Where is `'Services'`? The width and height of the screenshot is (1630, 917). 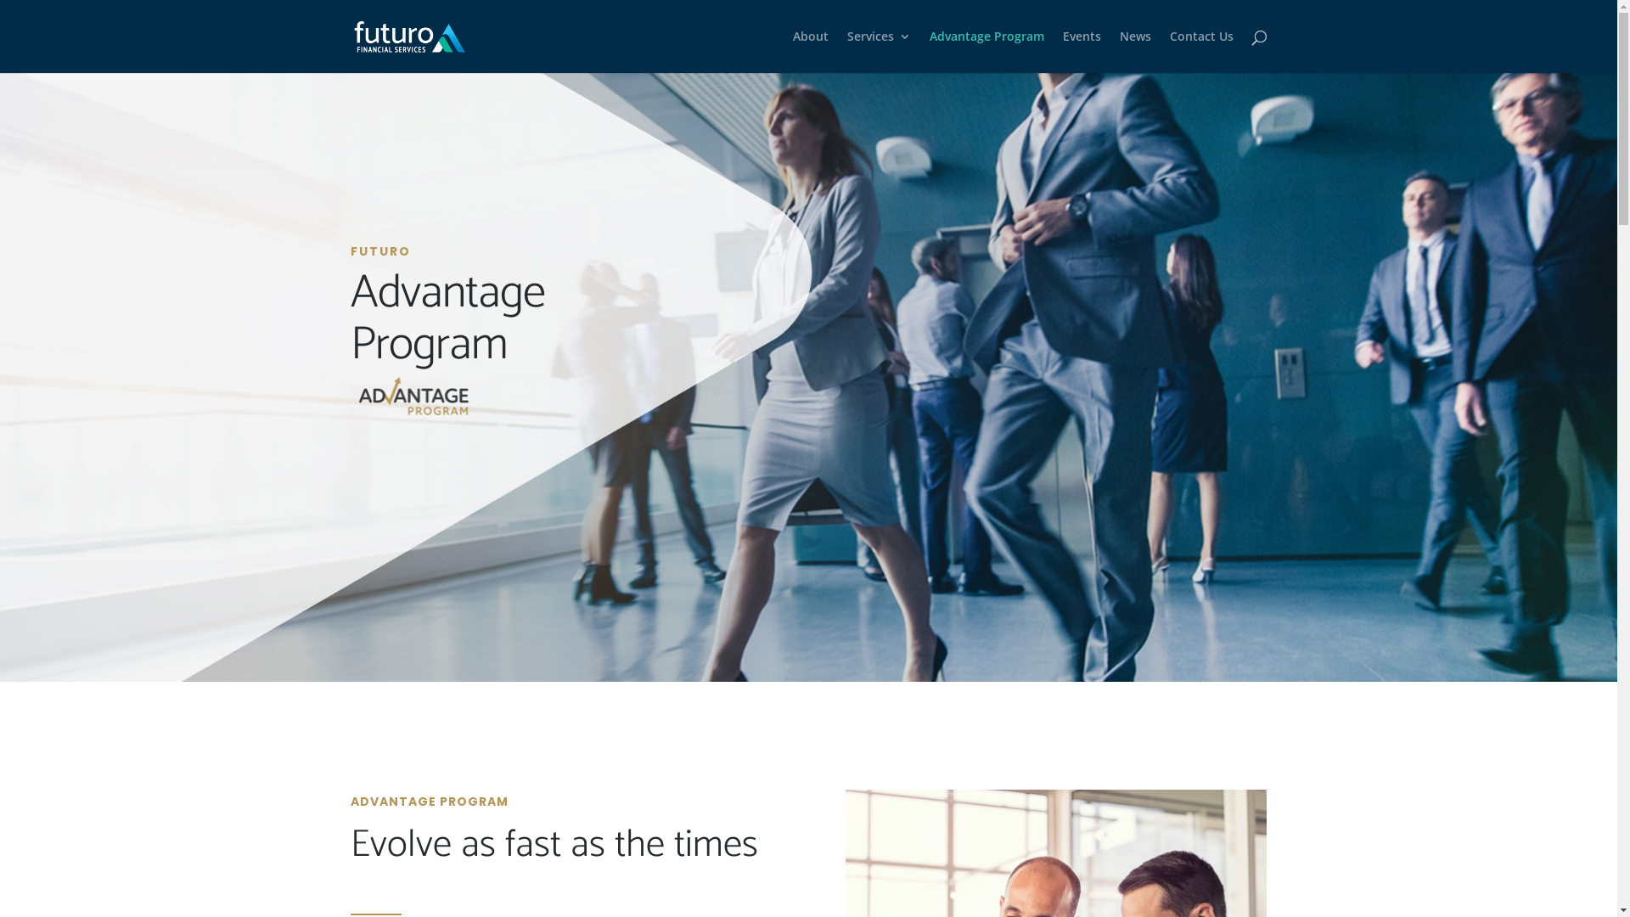 'Services' is located at coordinates (879, 51).